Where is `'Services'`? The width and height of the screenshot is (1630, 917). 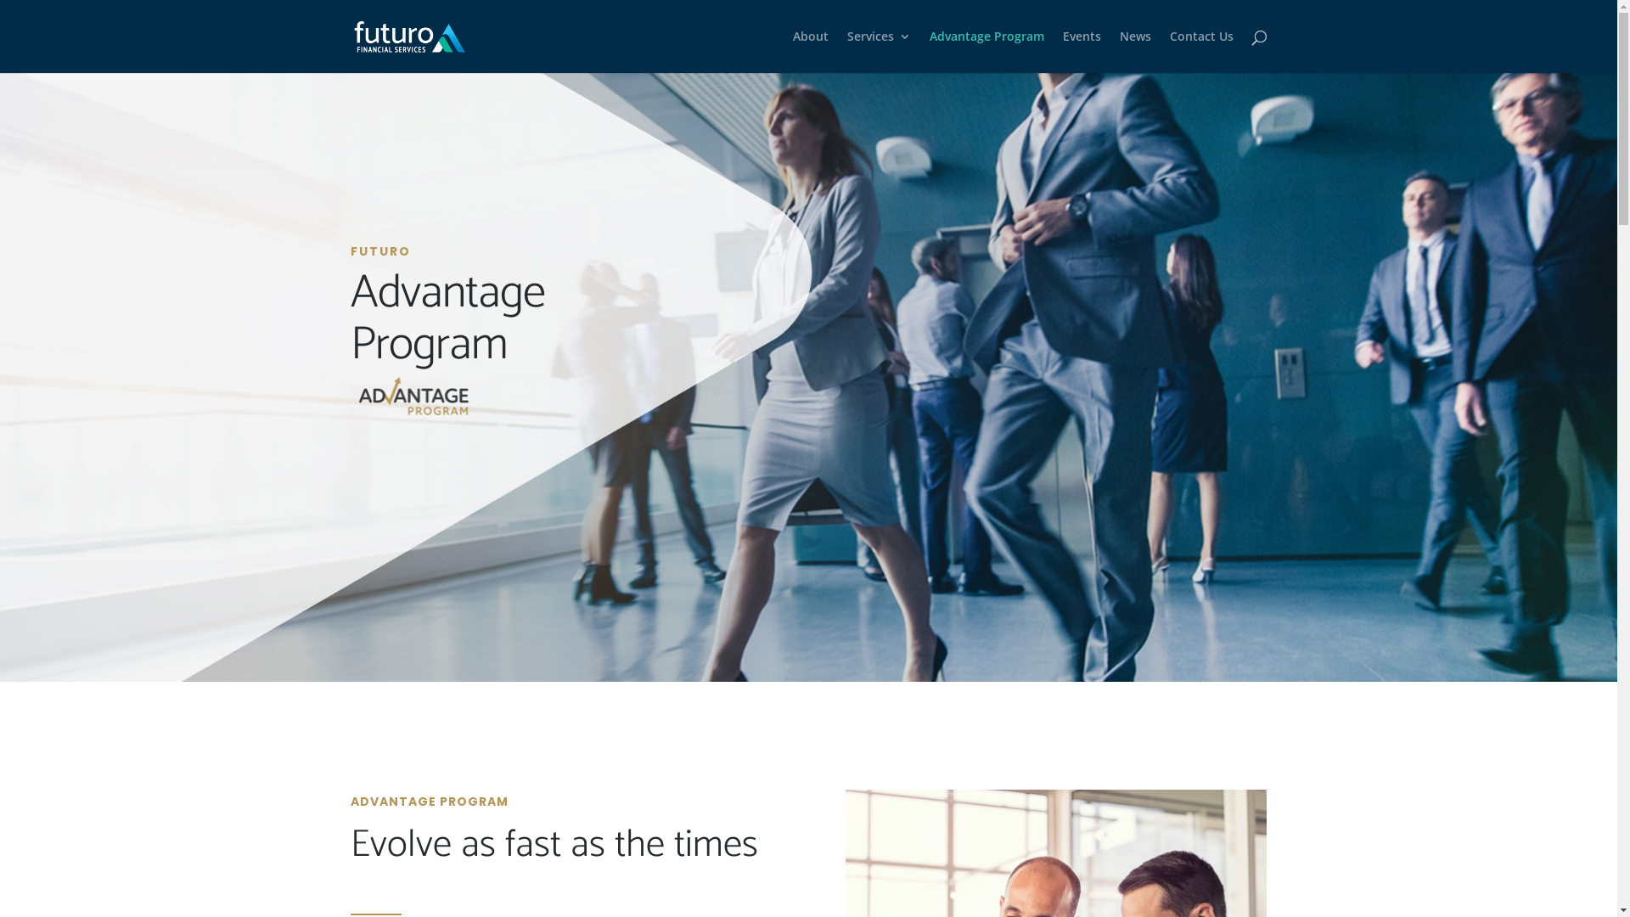 'Services' is located at coordinates (879, 51).